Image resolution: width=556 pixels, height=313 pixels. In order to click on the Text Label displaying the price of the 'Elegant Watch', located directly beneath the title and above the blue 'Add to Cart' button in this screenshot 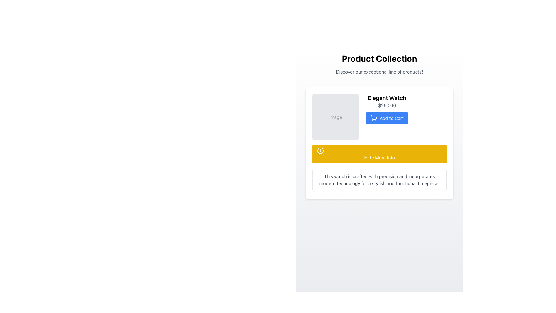, I will do `click(387, 105)`.